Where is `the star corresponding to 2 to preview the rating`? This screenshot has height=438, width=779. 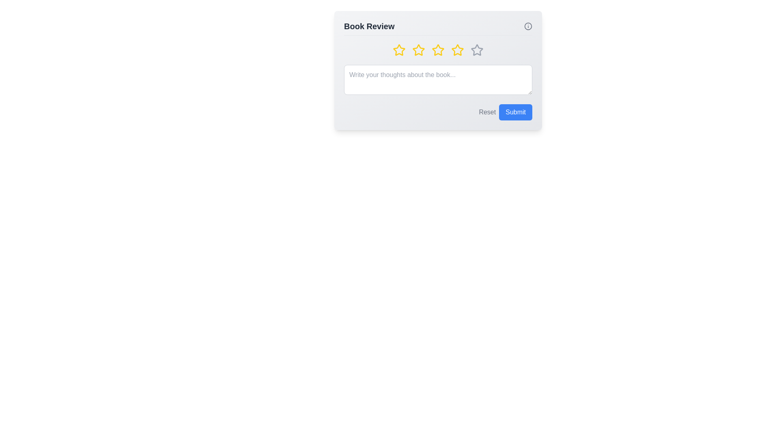 the star corresponding to 2 to preview the rating is located at coordinates (419, 50).